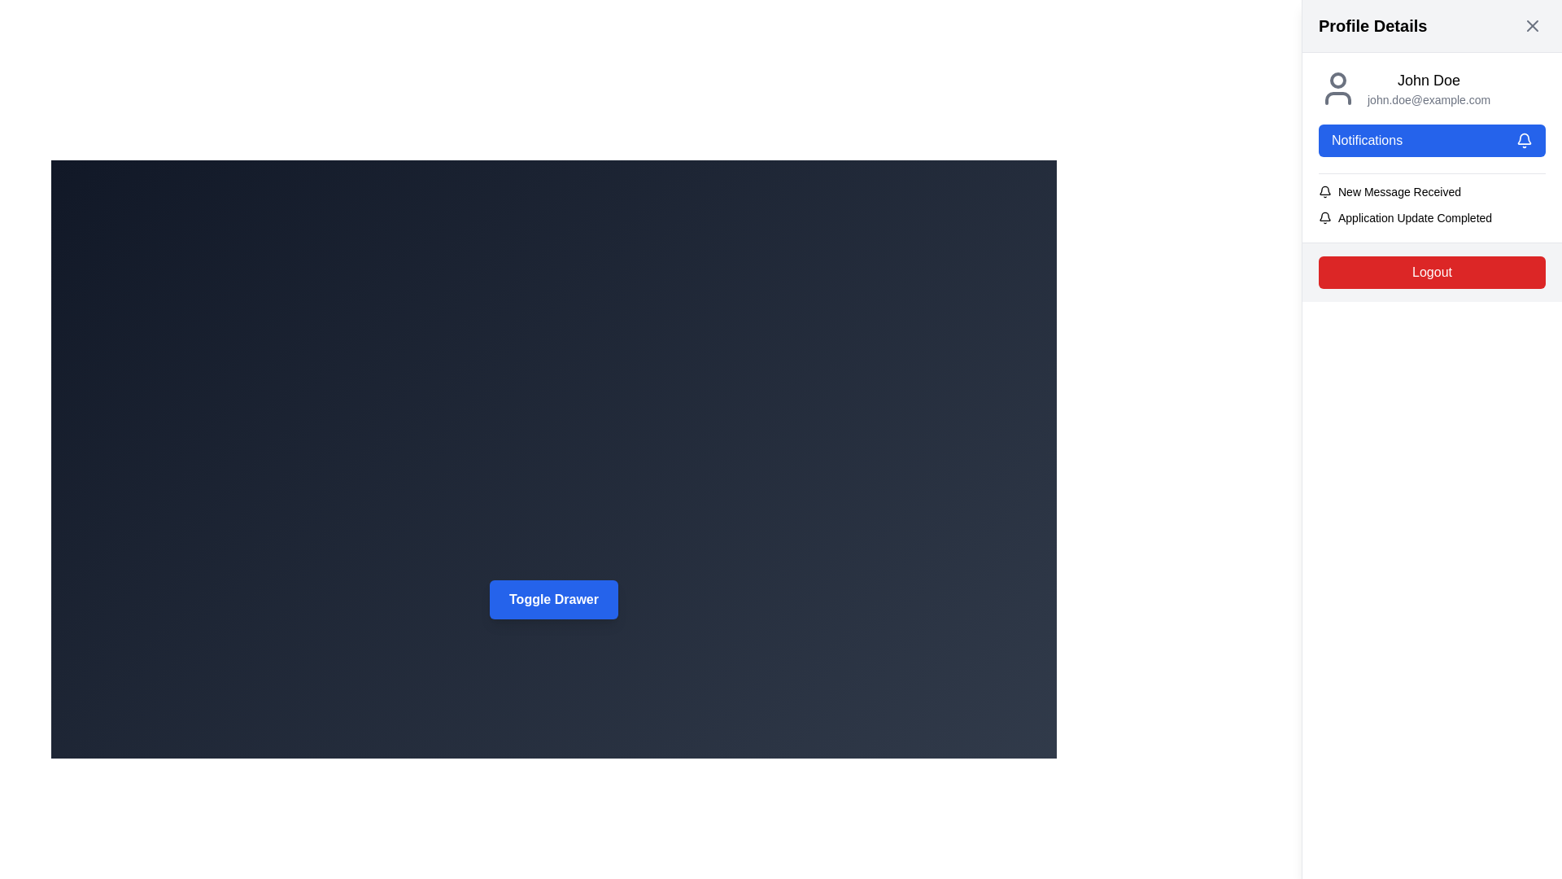 This screenshot has width=1562, height=879. I want to click on the small bell icon located to the immediate left of the text 'New Message Received' within the notifications sub-section of the side panel, so click(1324, 190).